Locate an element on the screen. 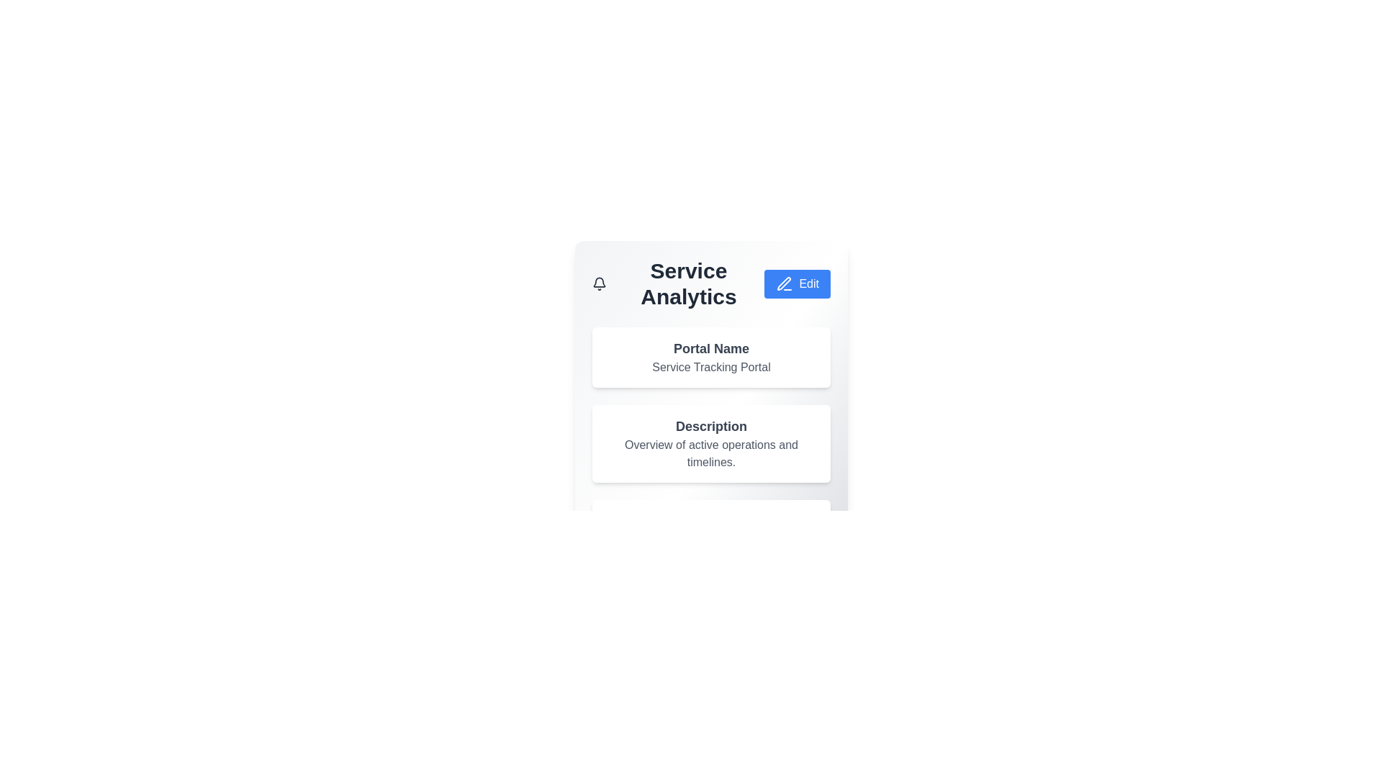 The image size is (1382, 777). the pen icon within the 'Edit' button located at the top-right corner of the 'Service Analytics' card is located at coordinates (783, 283).